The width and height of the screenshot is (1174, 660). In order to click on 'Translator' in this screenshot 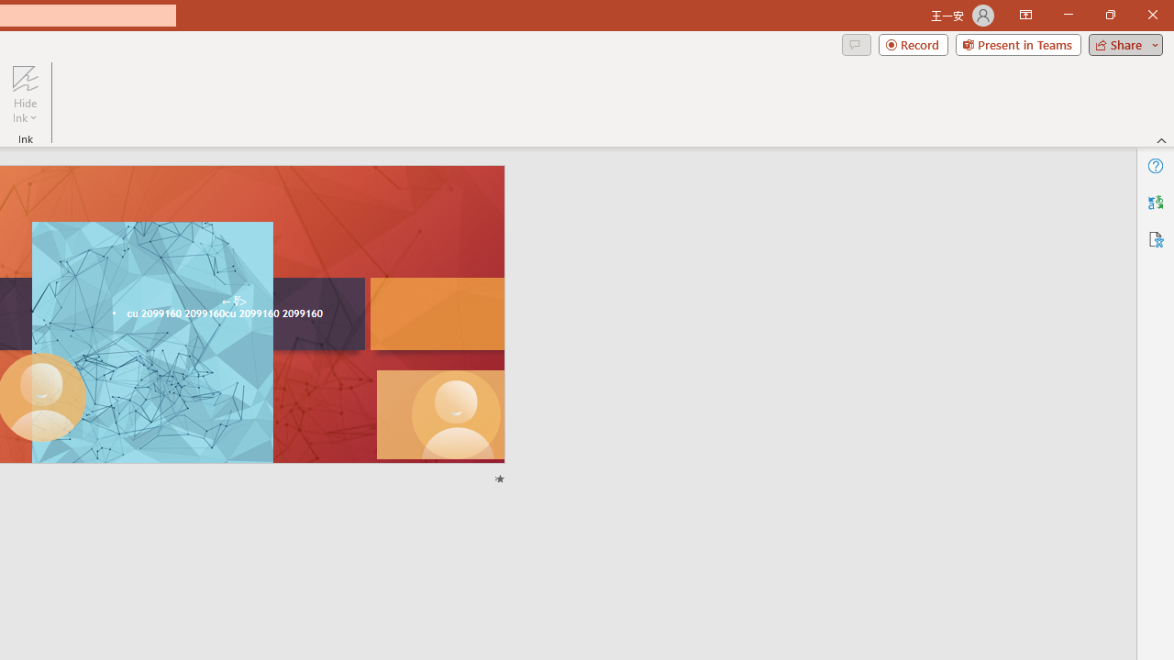, I will do `click(1155, 203)`.